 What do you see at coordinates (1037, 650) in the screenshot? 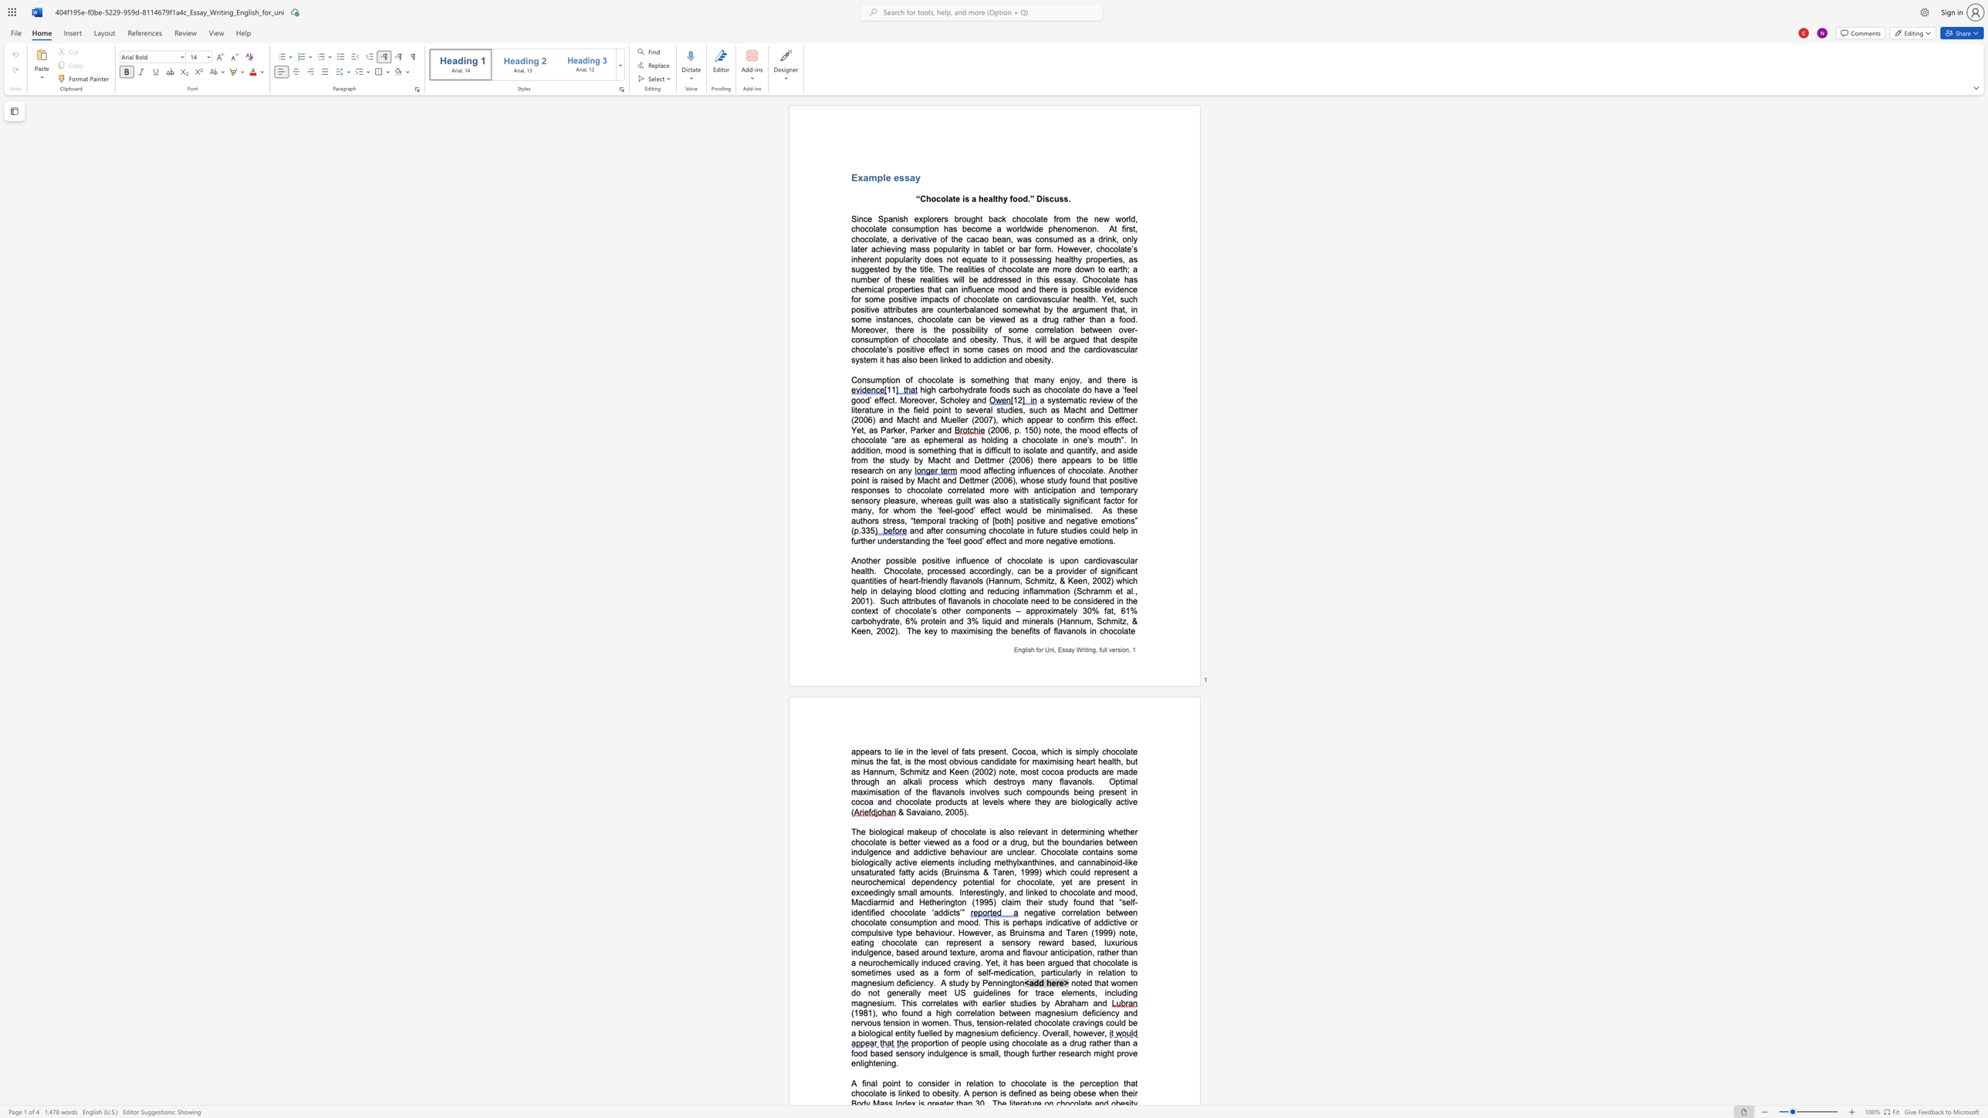
I see `the subset text "or Uni, Essa" within the text "English for Uni, Essay Writing, full version,"` at bounding box center [1037, 650].